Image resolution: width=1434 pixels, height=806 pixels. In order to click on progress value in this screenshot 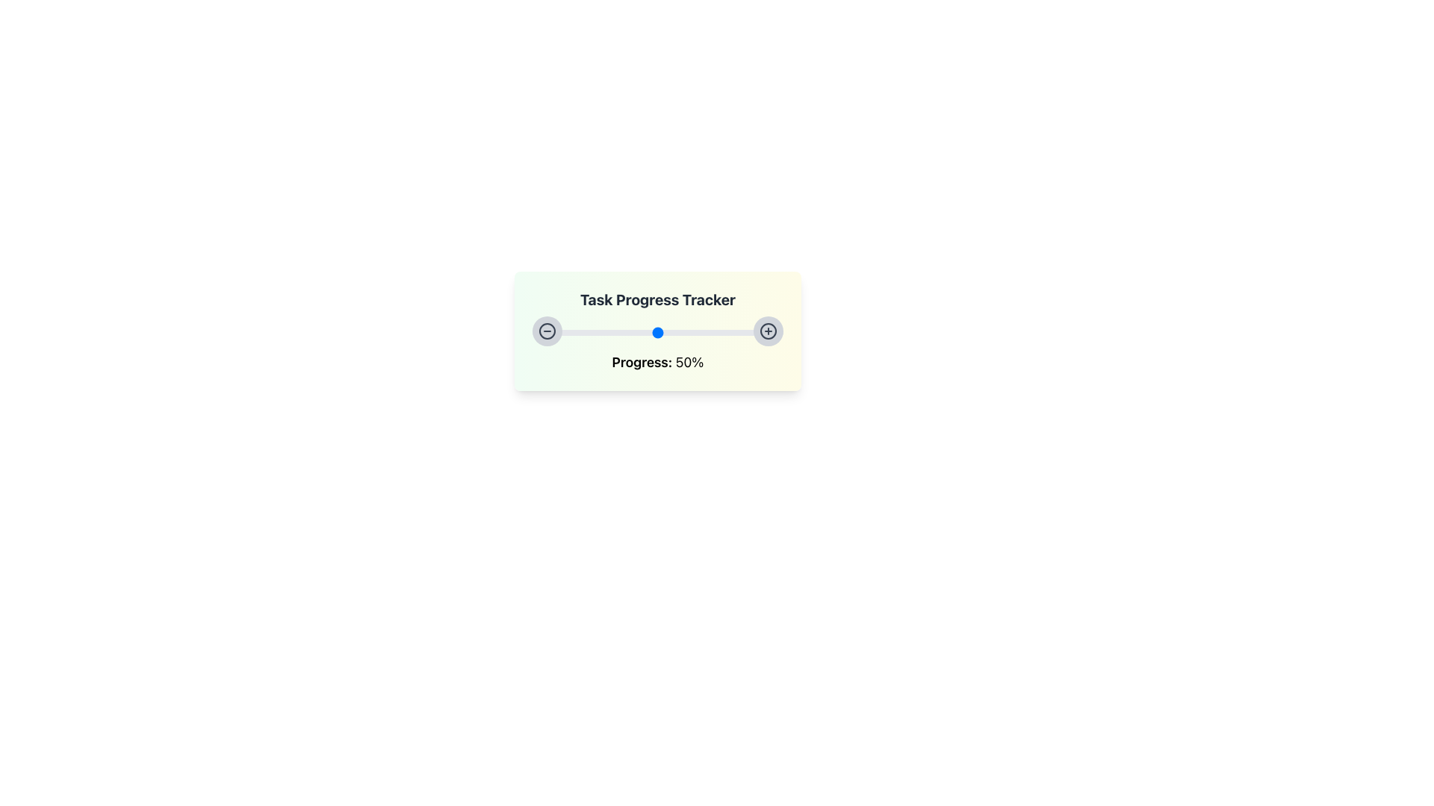, I will do `click(625, 330)`.